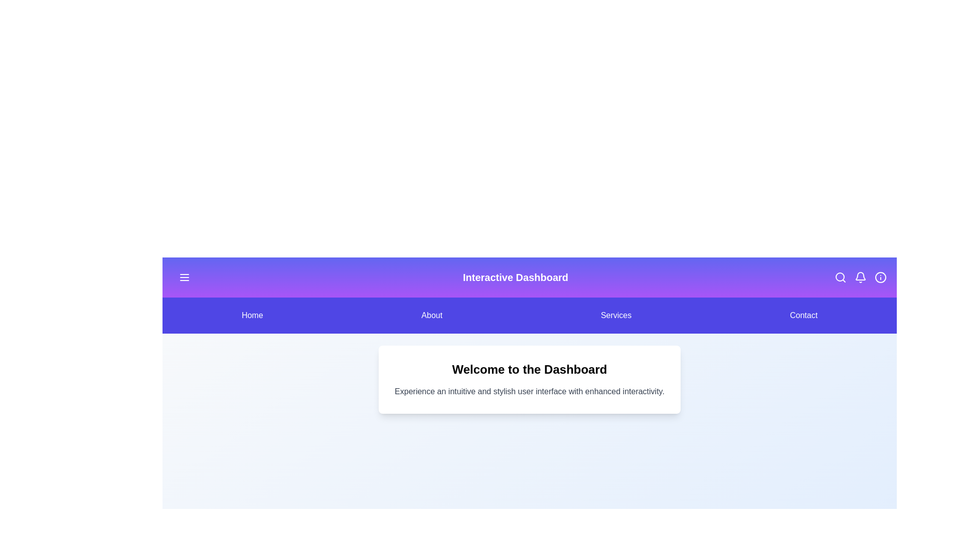  I want to click on the specified icon in the header: search, so click(840, 278).